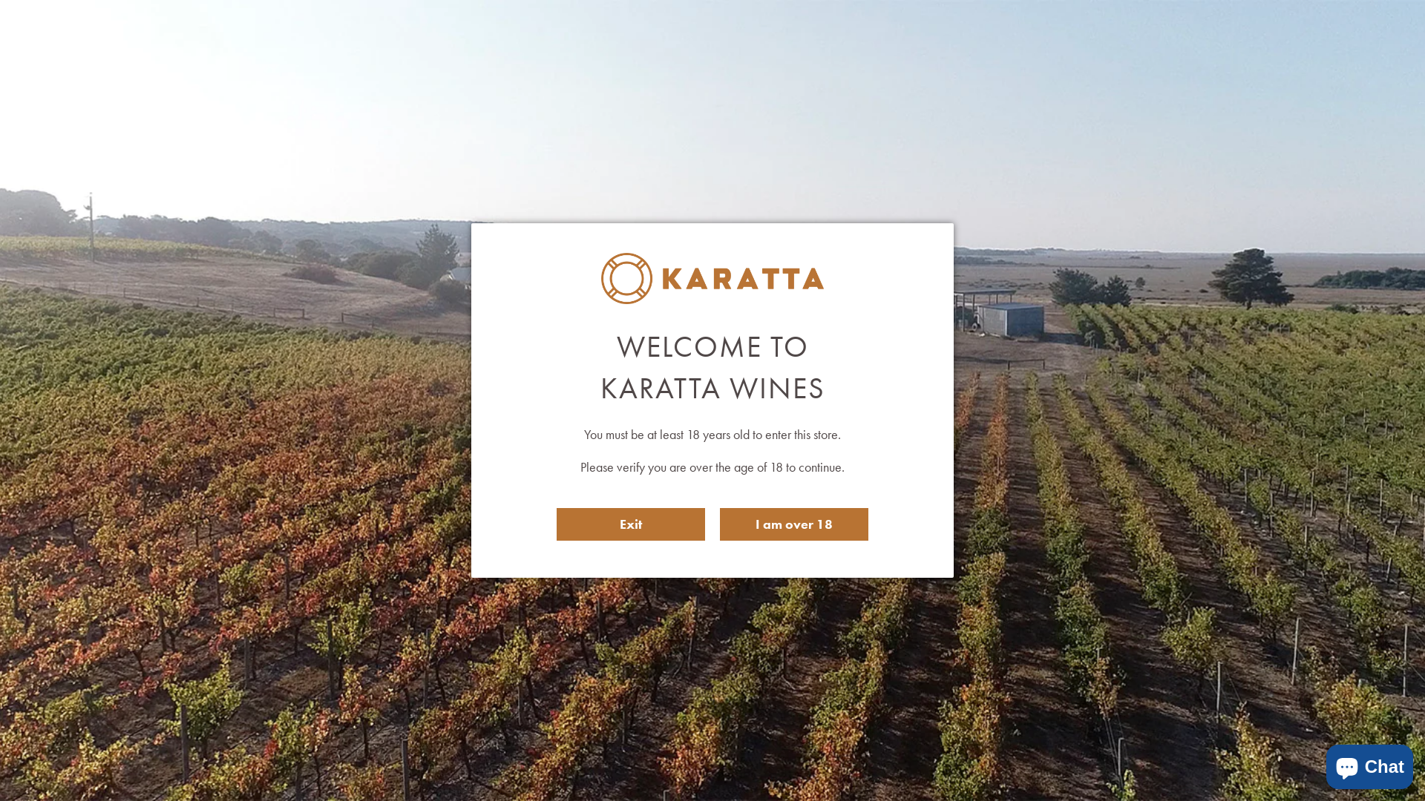 The width and height of the screenshot is (1425, 801). Describe the element at coordinates (1321, 763) in the screenshot. I see `'Shopify online store chat'` at that location.